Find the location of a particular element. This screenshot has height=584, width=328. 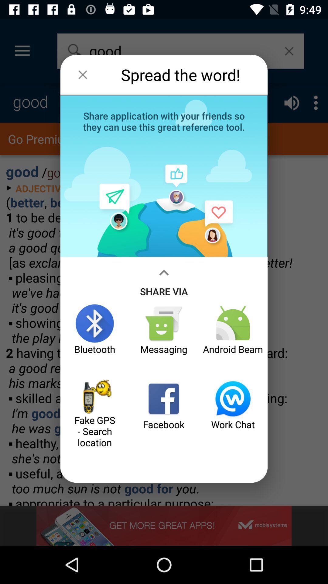

the item to the left of spread the word! icon is located at coordinates (83, 74).